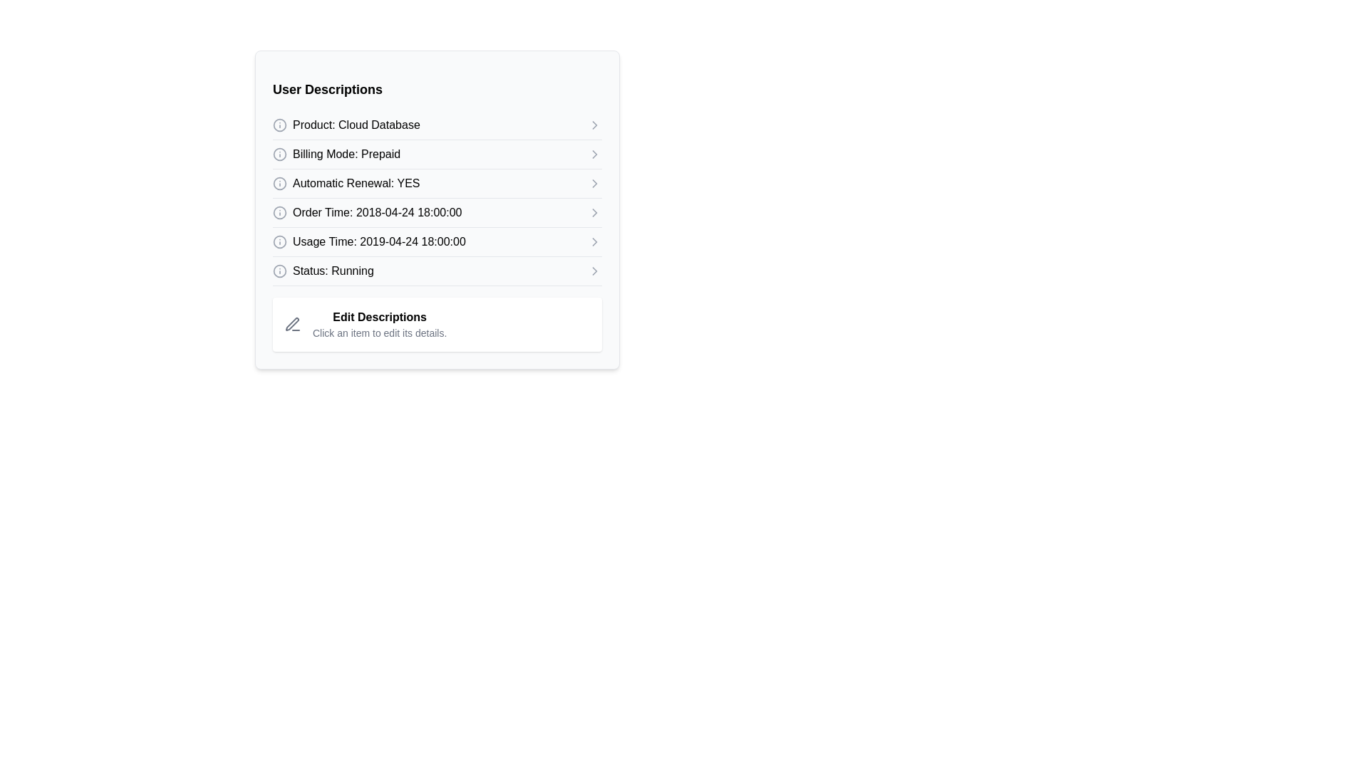 The image size is (1368, 769). What do you see at coordinates (280, 154) in the screenshot?
I see `the Informational icon located to the left of the 'Billing Mode: Prepaid' section` at bounding box center [280, 154].